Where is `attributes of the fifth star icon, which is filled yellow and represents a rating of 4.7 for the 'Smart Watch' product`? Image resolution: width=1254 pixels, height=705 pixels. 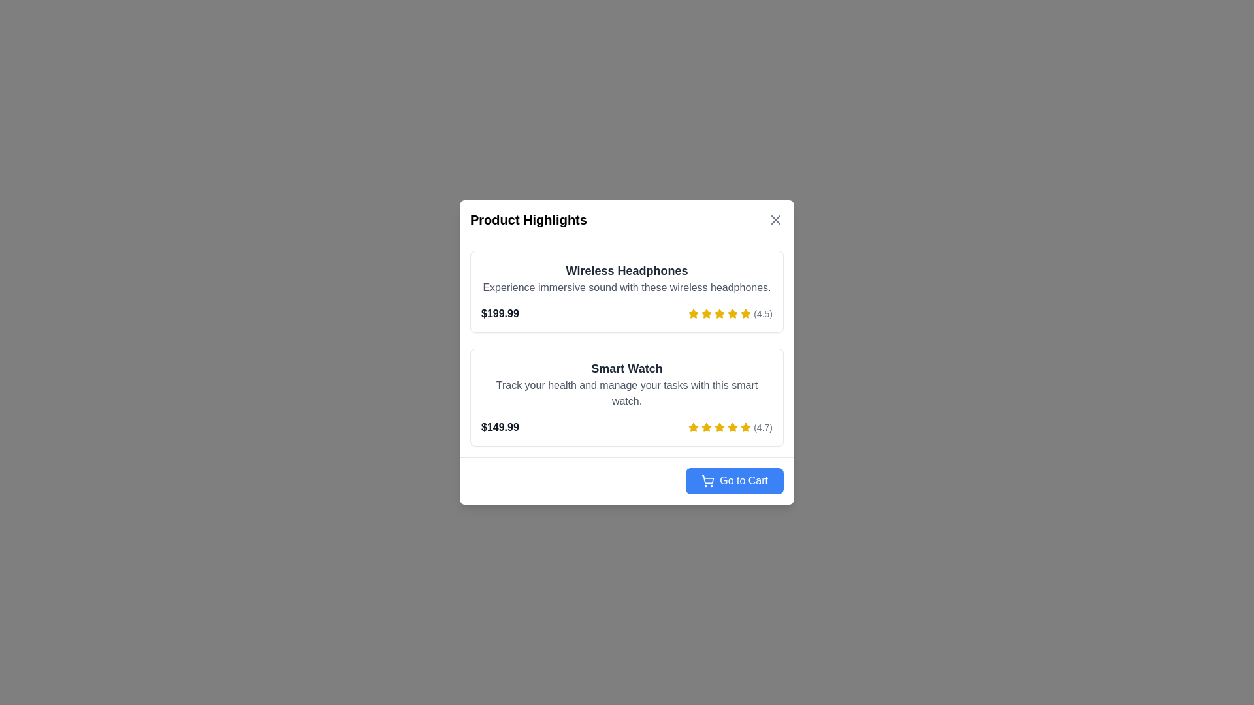 attributes of the fifth star icon, which is filled yellow and represents a rating of 4.7 for the 'Smart Watch' product is located at coordinates (746, 428).